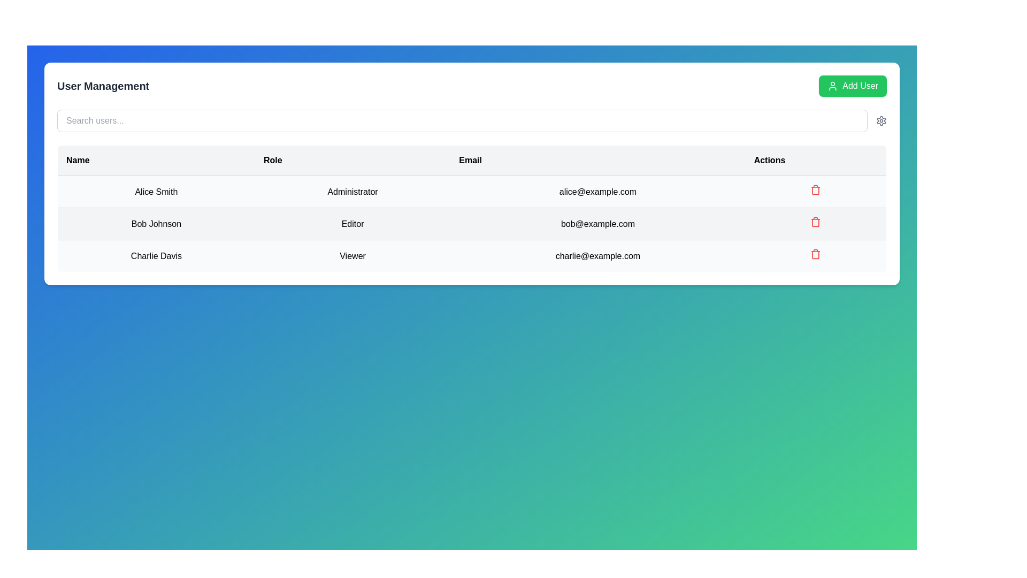 The height and width of the screenshot is (578, 1027). Describe the element at coordinates (471, 223) in the screenshot. I see `the second row of the table that contains 'Bob Johnson', 'Editor', and 'bob@example.com' to interact with its cells` at that location.